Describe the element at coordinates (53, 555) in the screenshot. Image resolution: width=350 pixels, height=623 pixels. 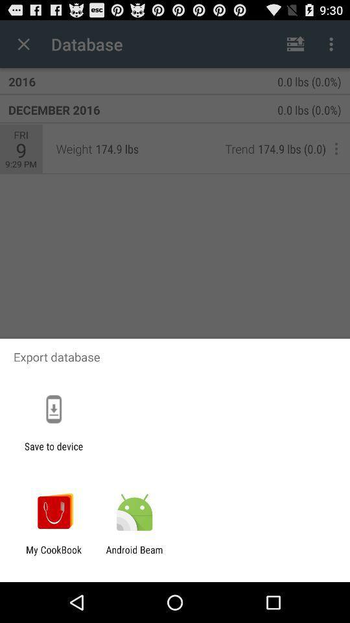
I see `app next to android beam` at that location.